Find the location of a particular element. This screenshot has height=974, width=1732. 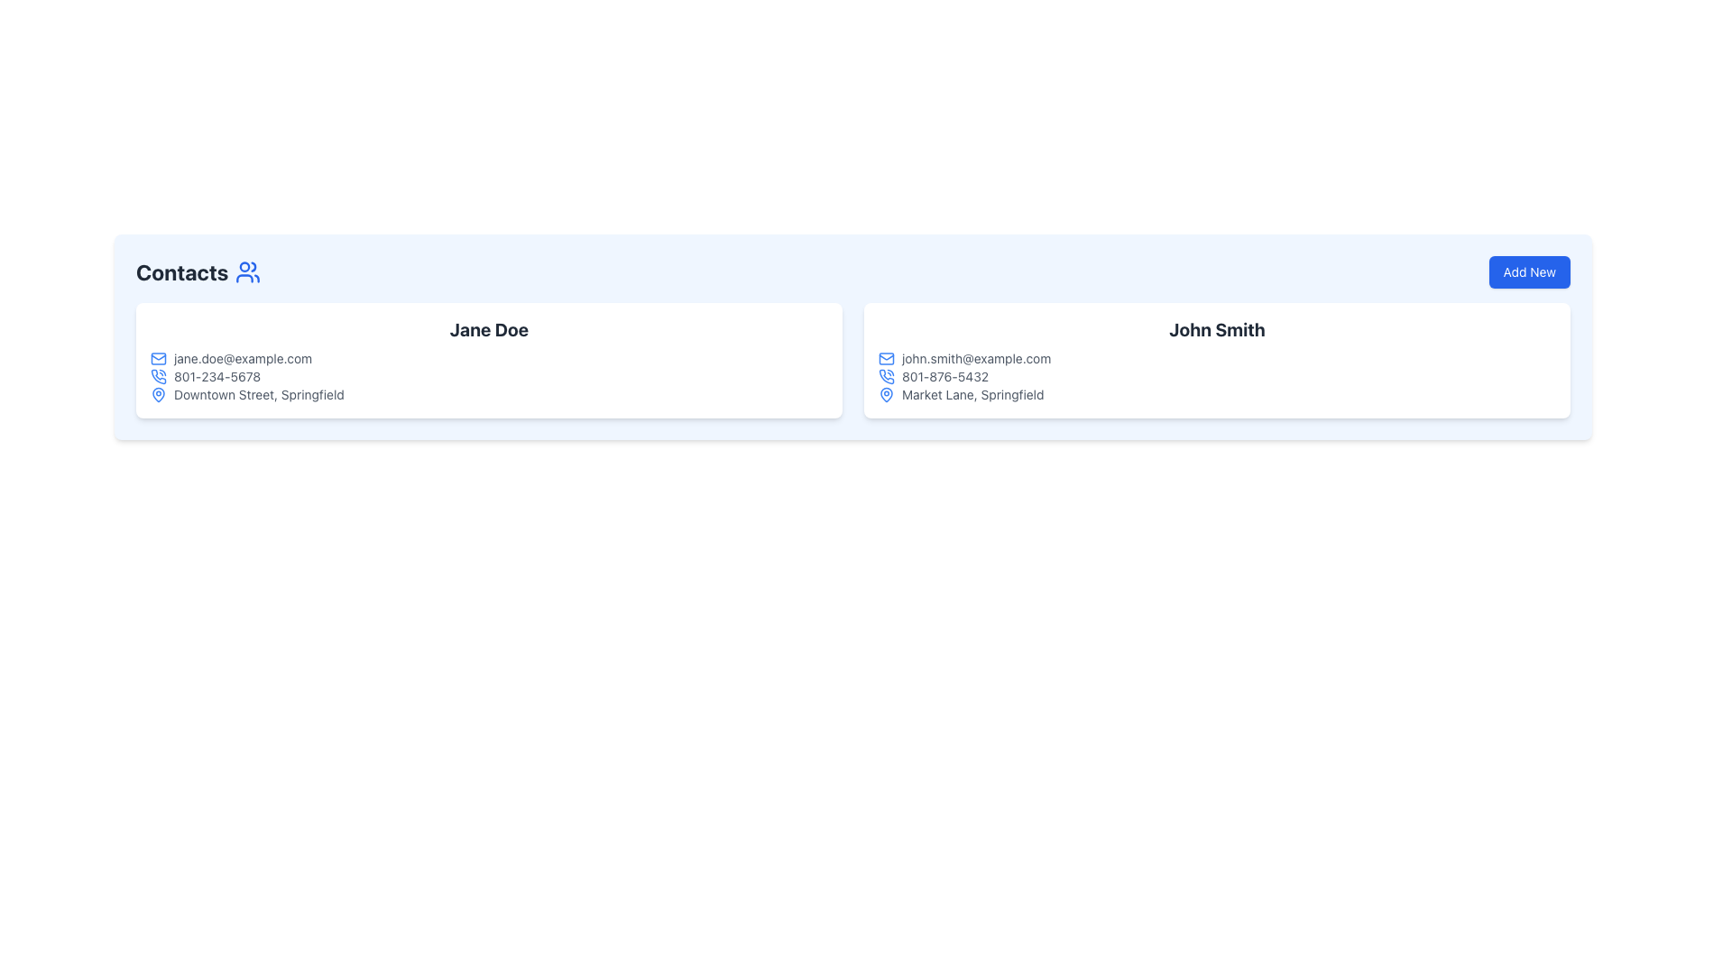

the decorative location marker icon located in the left card of the contact section, adjacent to the address text 'Downtown Street, Springfield' is located at coordinates (159, 394).